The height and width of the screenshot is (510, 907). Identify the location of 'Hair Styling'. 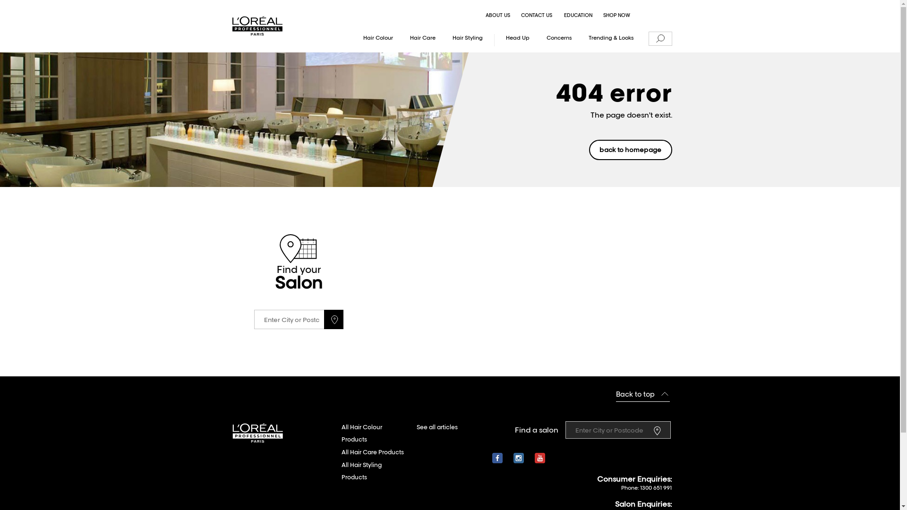
(467, 39).